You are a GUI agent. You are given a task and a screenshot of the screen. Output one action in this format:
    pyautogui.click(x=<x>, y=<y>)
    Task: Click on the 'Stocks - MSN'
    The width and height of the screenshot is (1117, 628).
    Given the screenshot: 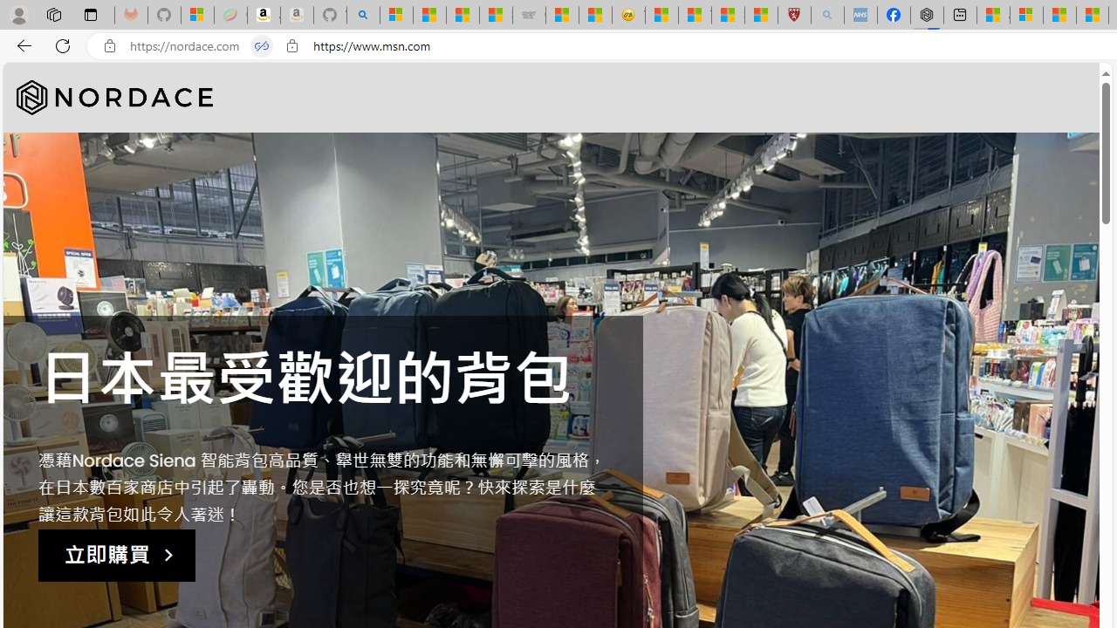 What is the action you would take?
    pyautogui.click(x=495, y=15)
    